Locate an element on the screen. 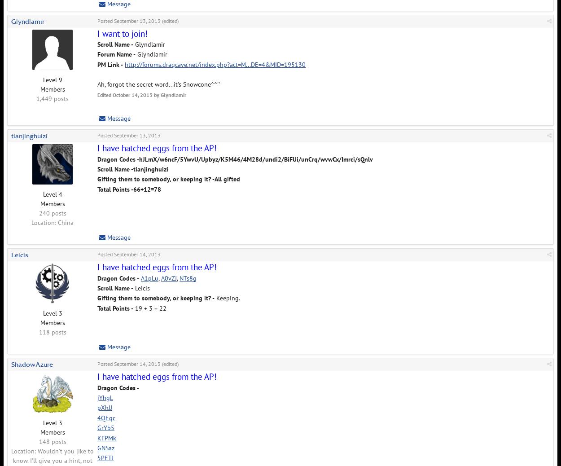  '118 posts' is located at coordinates (52, 331).